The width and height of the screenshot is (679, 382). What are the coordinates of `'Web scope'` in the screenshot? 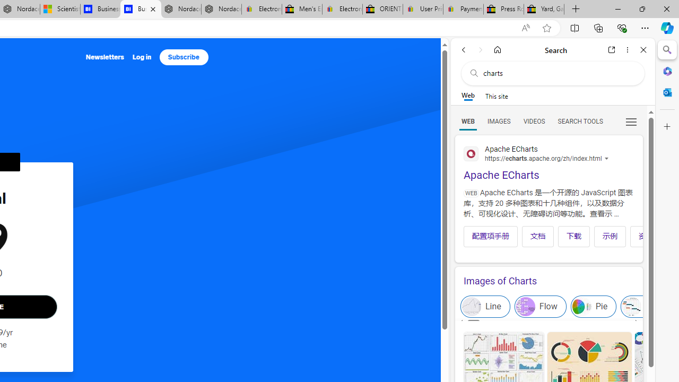 It's located at (467, 95).